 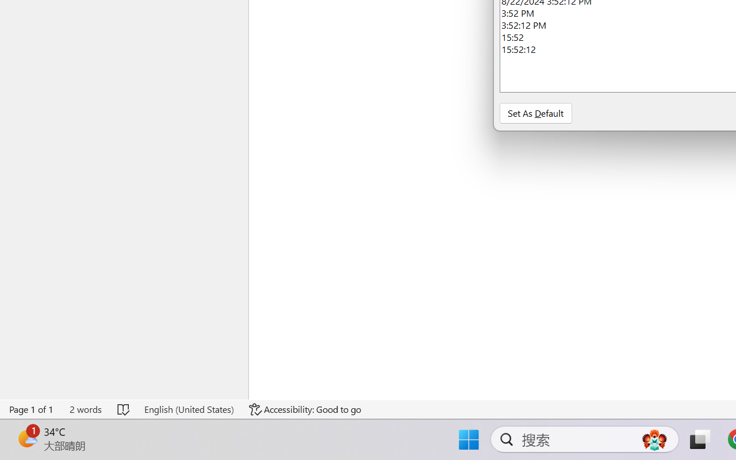 I want to click on 'Page Number Page 1 of 1', so click(x=32, y=409).